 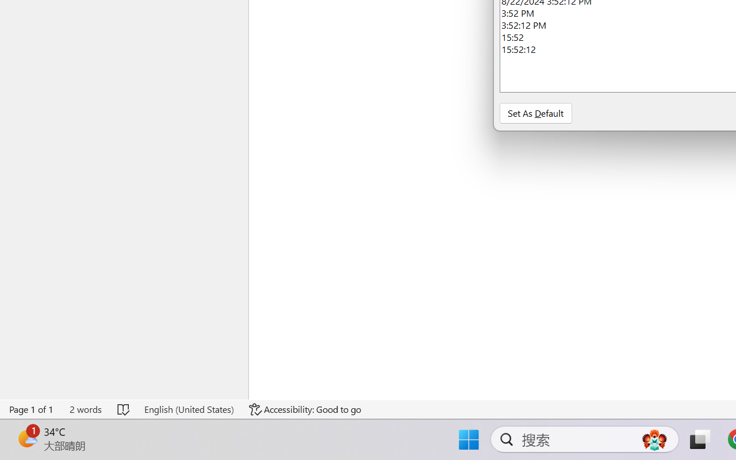 I want to click on 'Page Number Page 1 of 1', so click(x=32, y=409).